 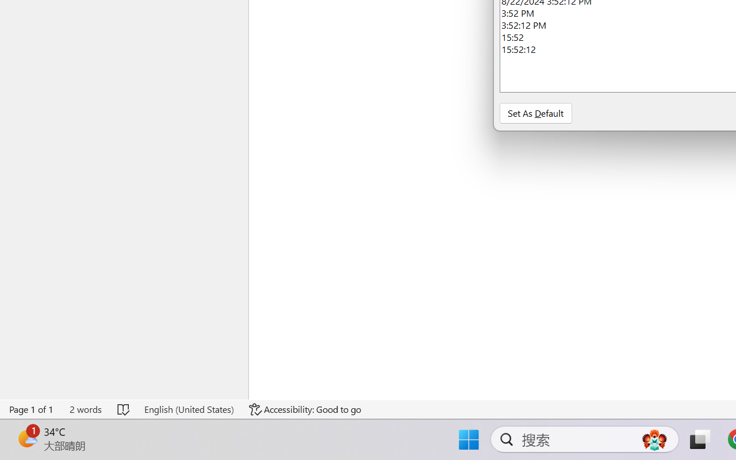 I want to click on 'Page Number Page 1 of 1', so click(x=32, y=409).